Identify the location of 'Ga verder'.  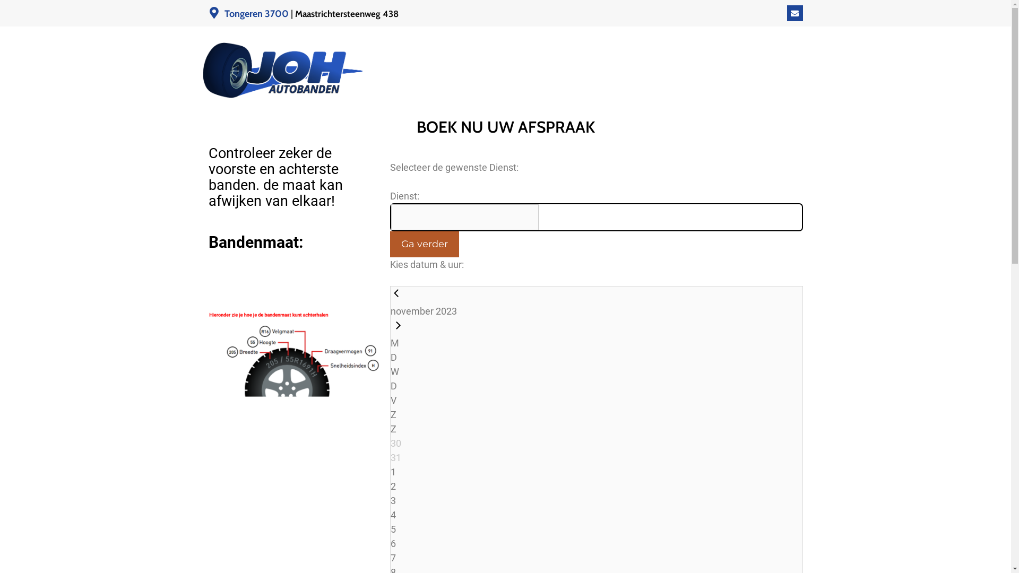
(423, 244).